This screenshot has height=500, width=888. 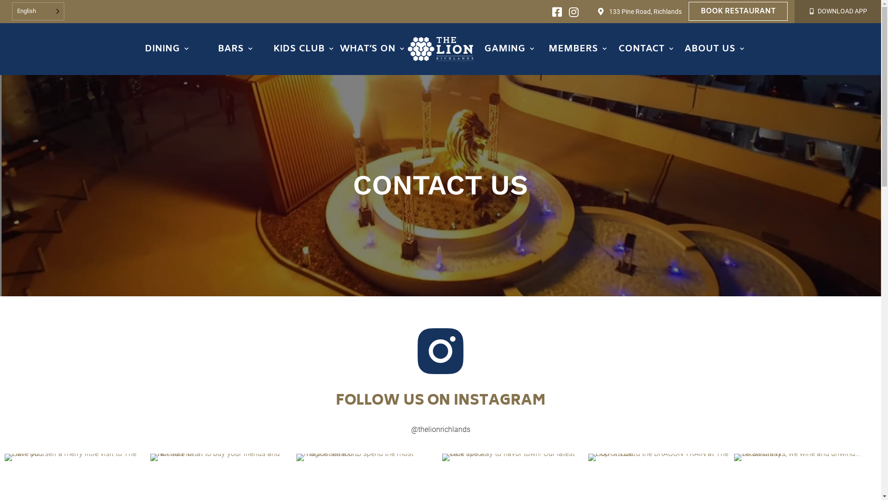 What do you see at coordinates (738, 11) in the screenshot?
I see `'BOOK RESTAURANT'` at bounding box center [738, 11].